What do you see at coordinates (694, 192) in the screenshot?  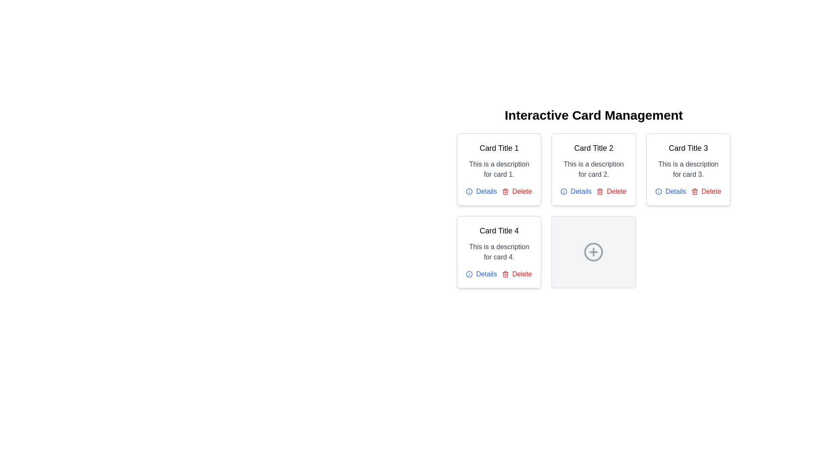 I see `the delete icon located within the 'Delete' button under 'Card Title 3'` at bounding box center [694, 192].